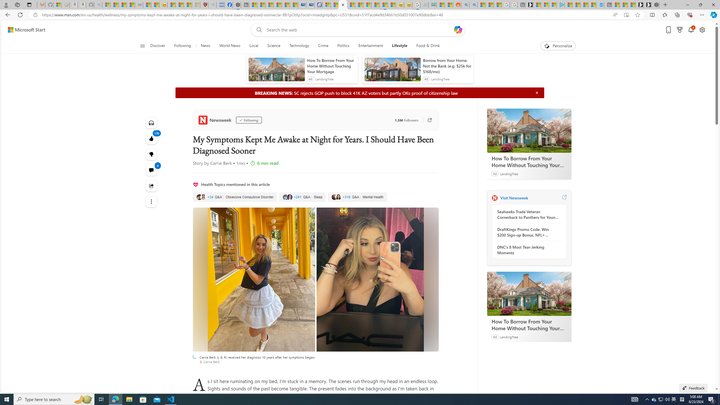 The image size is (720, 405). Describe the element at coordinates (24, 29) in the screenshot. I see `'Skip to content'` at that location.